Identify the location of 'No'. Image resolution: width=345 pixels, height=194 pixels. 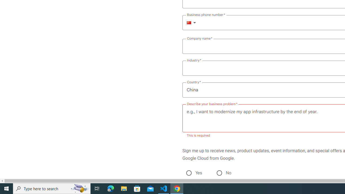
(219, 173).